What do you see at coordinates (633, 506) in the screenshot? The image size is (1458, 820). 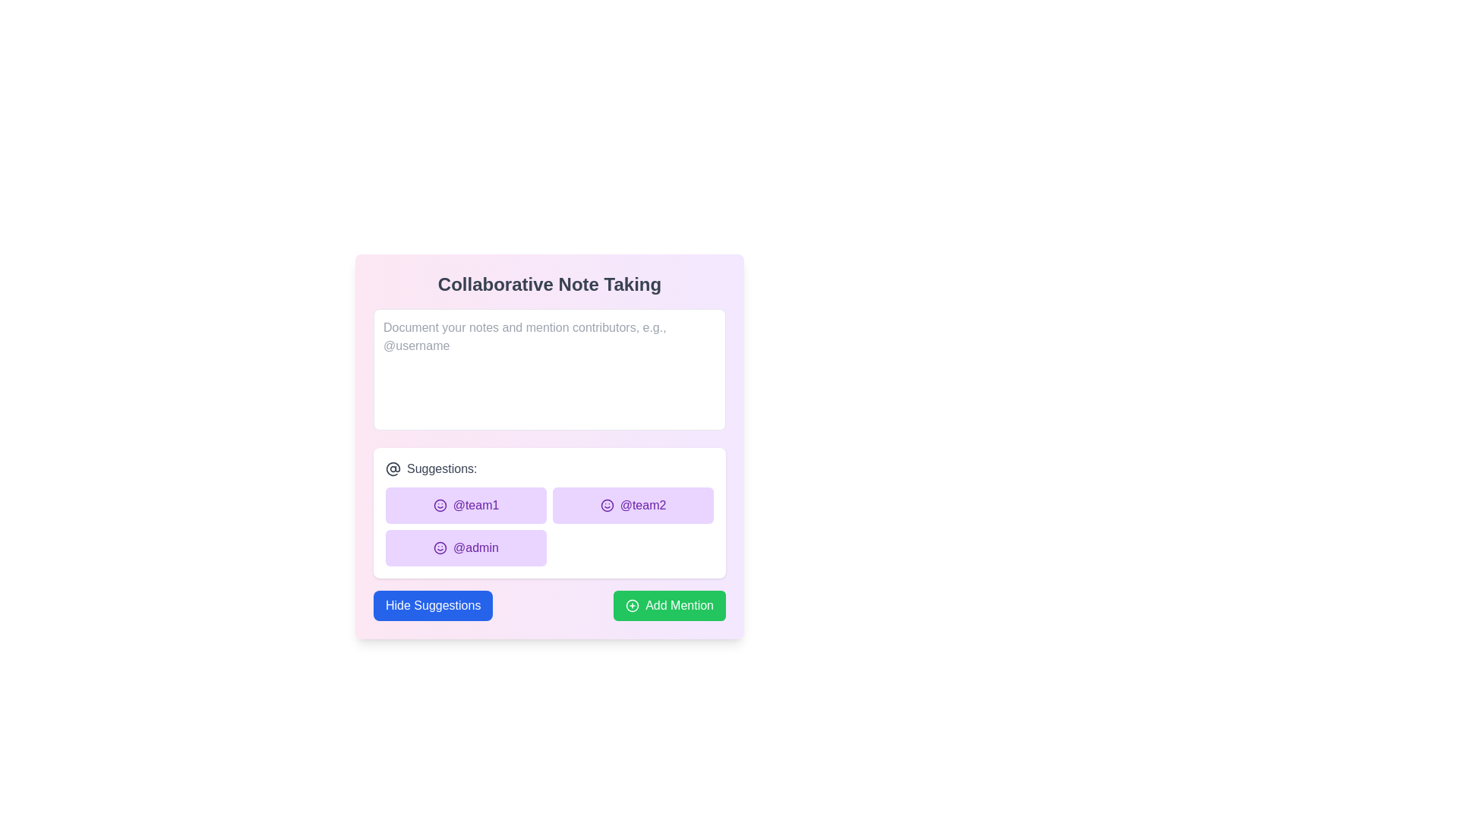 I see `the button with a purple background and rounded corners that contains the icon of a smiling face and the text '@team2', located under the 'Suggestions' section` at bounding box center [633, 506].